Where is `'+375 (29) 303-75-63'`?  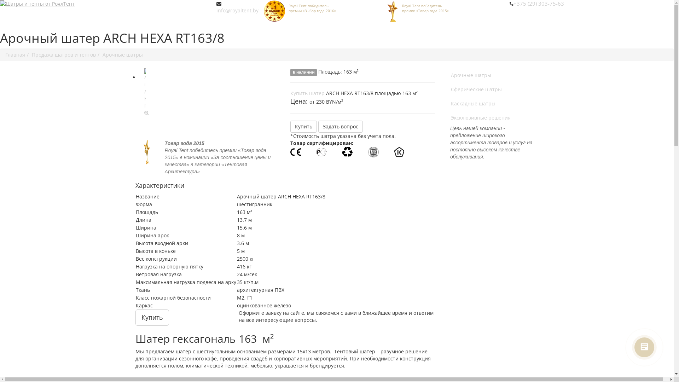 '+375 (29) 303-75-63' is located at coordinates (538, 4).